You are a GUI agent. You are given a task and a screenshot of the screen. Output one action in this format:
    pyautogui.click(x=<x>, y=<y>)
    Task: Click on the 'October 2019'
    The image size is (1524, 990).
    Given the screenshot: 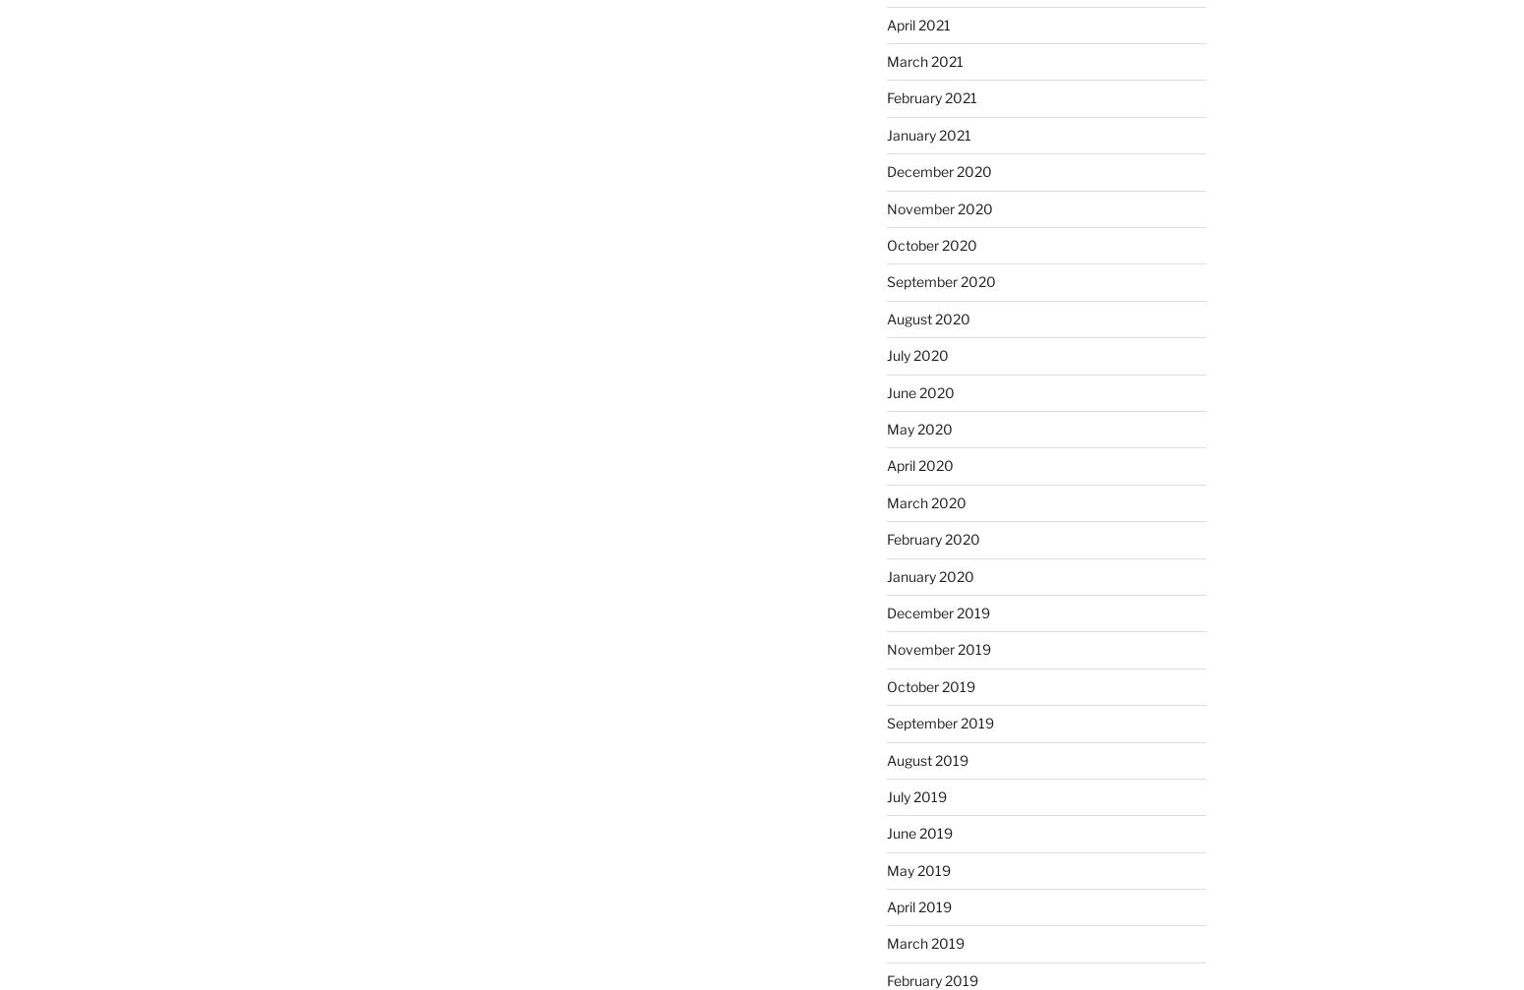 What is the action you would take?
    pyautogui.click(x=928, y=684)
    